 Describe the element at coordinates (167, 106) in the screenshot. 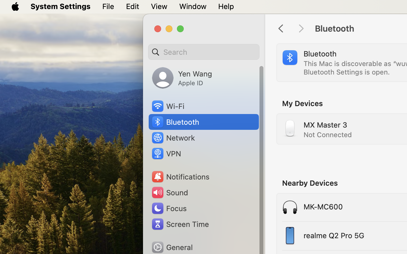

I see `'Wi‑Fi'` at that location.